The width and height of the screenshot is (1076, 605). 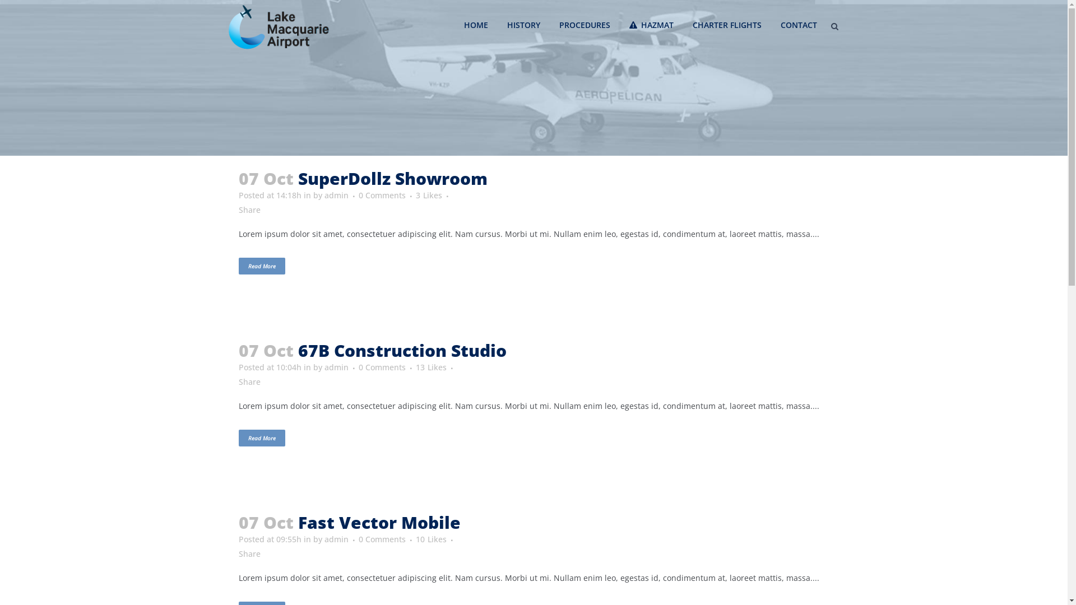 I want to click on 'Read More', so click(x=238, y=266).